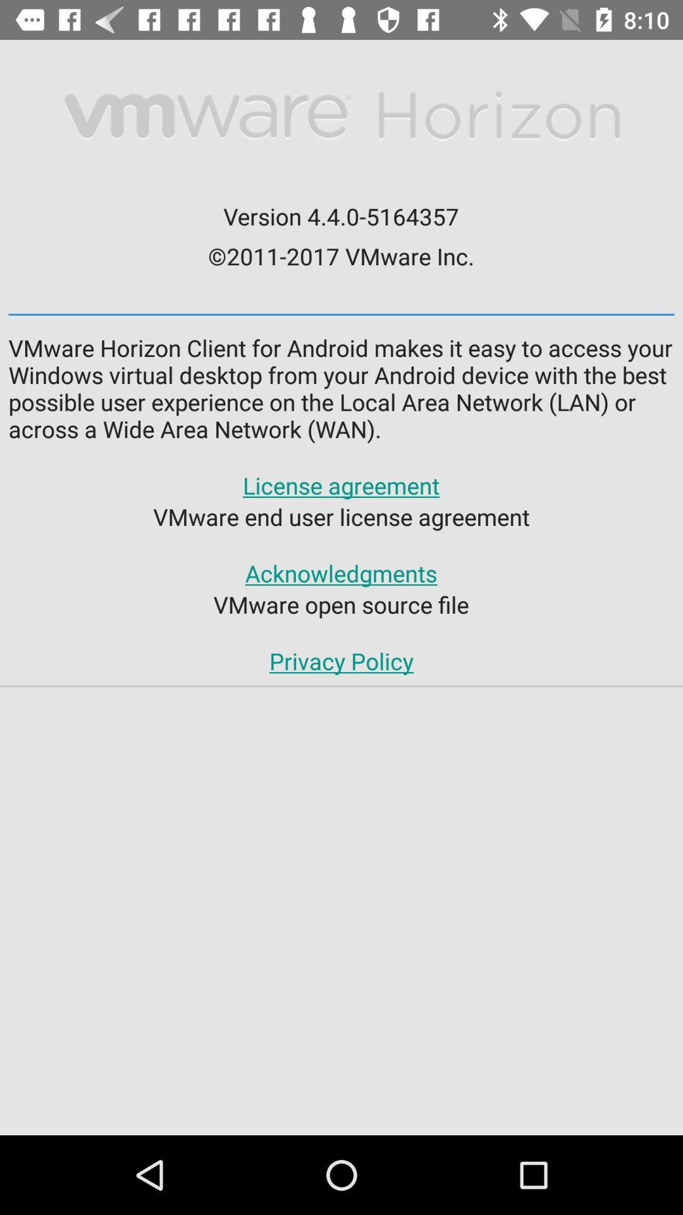 The width and height of the screenshot is (683, 1215). Describe the element at coordinates (340, 573) in the screenshot. I see `the app below vmware end user` at that location.